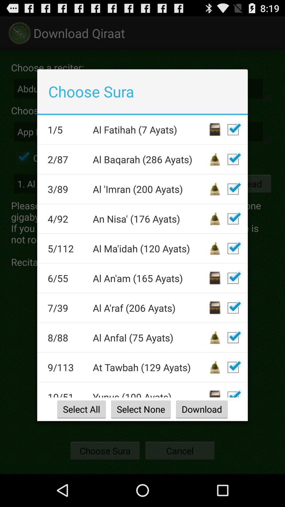 This screenshot has width=285, height=507. I want to click on option selected, so click(233, 337).